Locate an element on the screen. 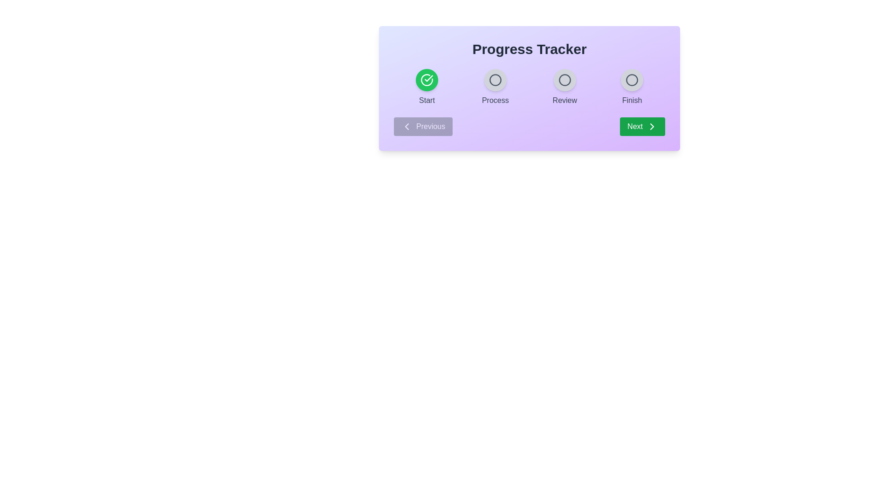 Image resolution: width=895 pixels, height=503 pixels. the circular icon segment of the progress tracker that represents the outer border of a checkmark, positioned left of the text 'Start' is located at coordinates (427, 80).